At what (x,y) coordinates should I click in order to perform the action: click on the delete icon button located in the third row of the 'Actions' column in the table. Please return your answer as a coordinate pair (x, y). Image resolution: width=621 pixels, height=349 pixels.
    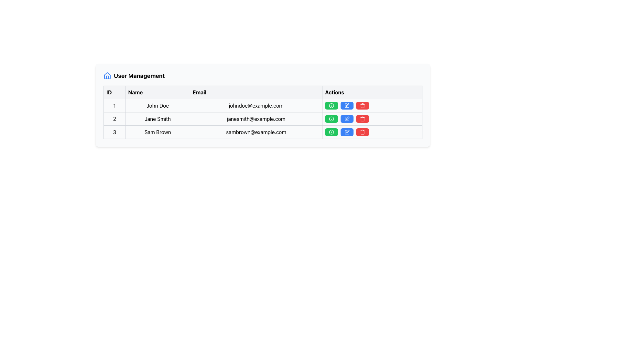
    Looking at the image, I should click on (363, 119).